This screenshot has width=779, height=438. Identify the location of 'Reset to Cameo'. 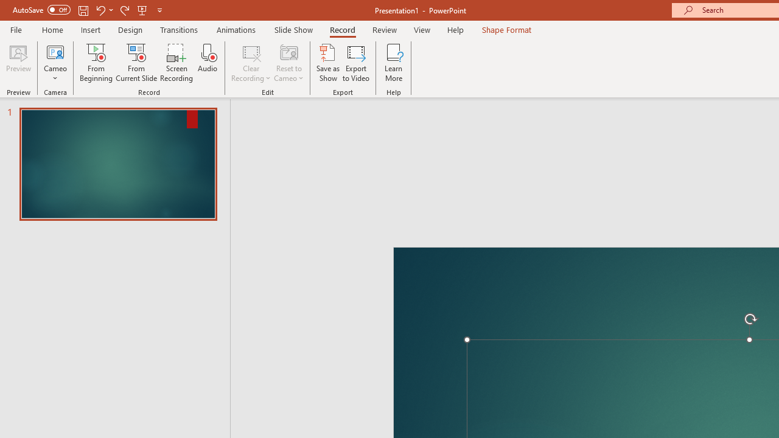
(288, 63).